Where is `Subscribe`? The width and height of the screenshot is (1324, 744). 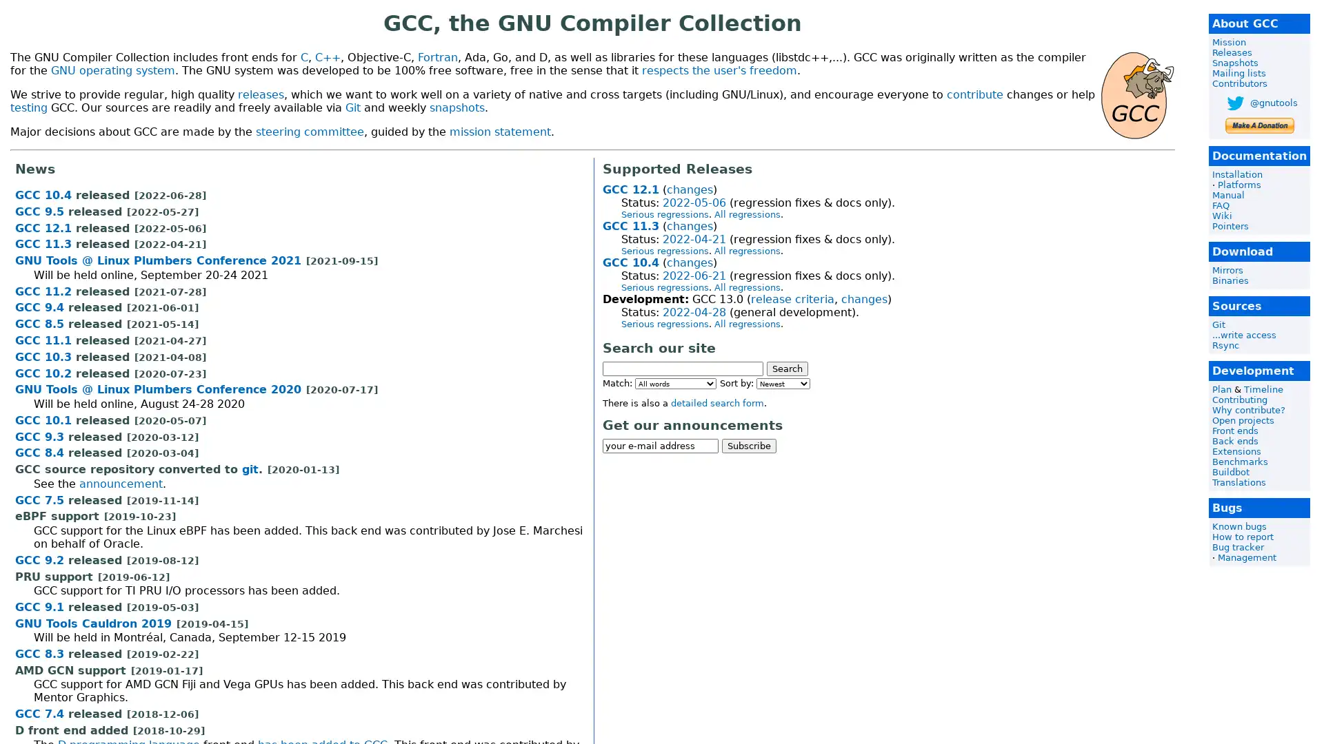 Subscribe is located at coordinates (748, 445).